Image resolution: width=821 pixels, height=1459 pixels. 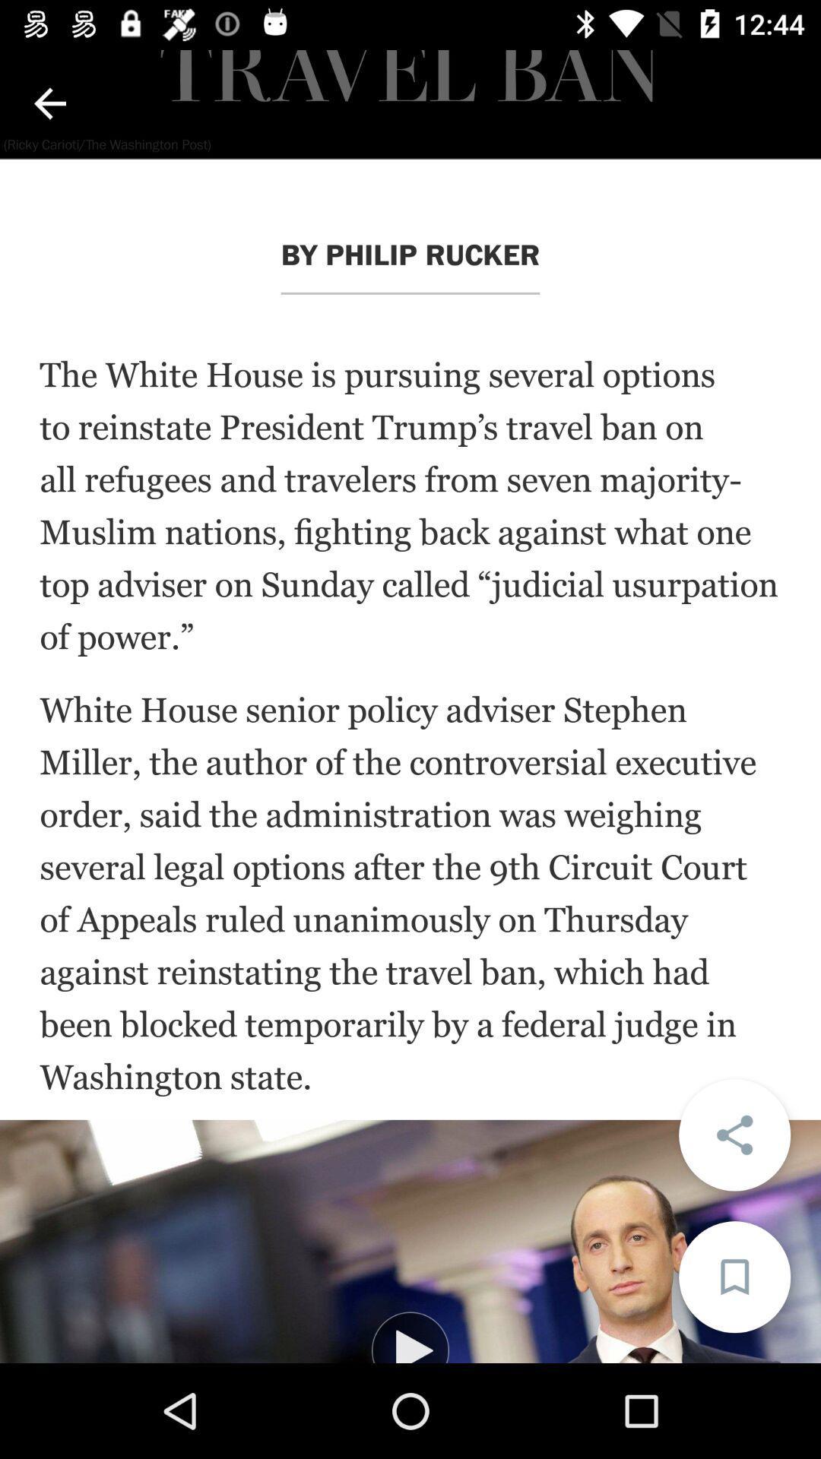 What do you see at coordinates (49, 103) in the screenshot?
I see `go back` at bounding box center [49, 103].